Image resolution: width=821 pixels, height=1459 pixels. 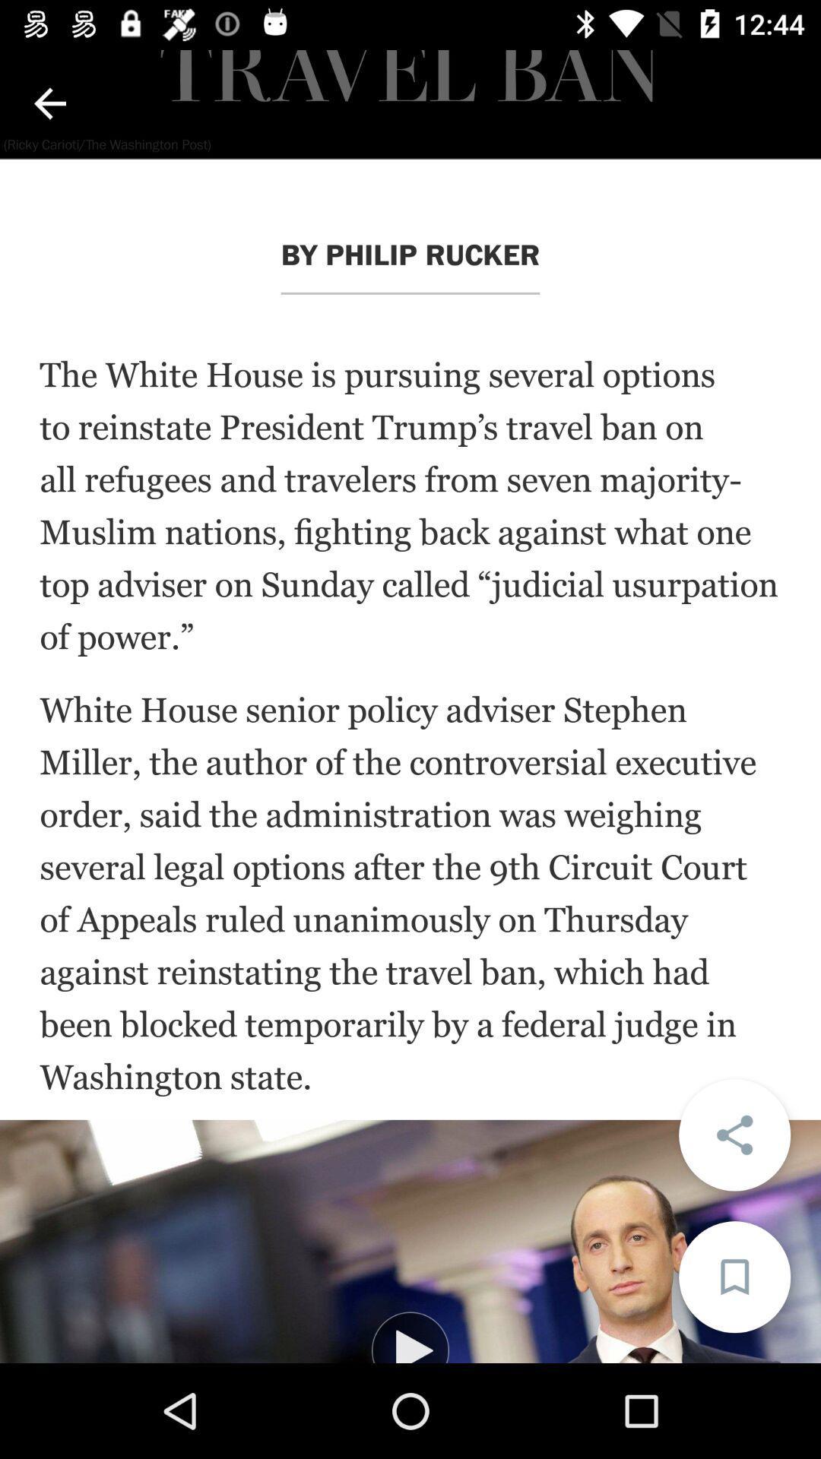 What do you see at coordinates (49, 103) in the screenshot?
I see `go back` at bounding box center [49, 103].